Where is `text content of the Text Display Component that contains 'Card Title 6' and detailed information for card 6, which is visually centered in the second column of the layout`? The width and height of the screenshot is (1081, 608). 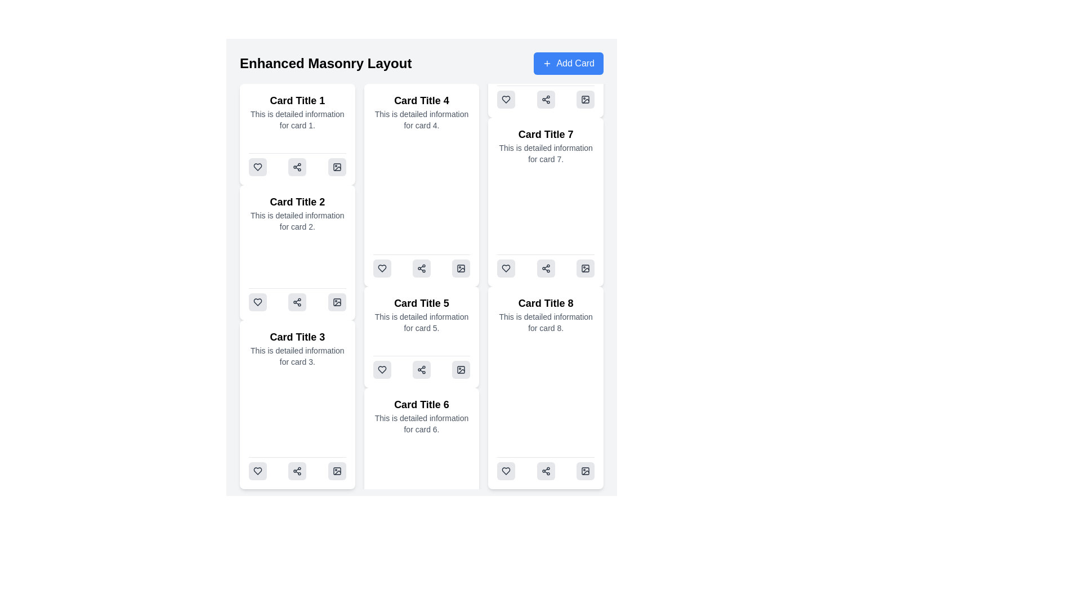
text content of the Text Display Component that contains 'Card Title 6' and detailed information for card 6, which is visually centered in the second column of the layout is located at coordinates (421, 416).